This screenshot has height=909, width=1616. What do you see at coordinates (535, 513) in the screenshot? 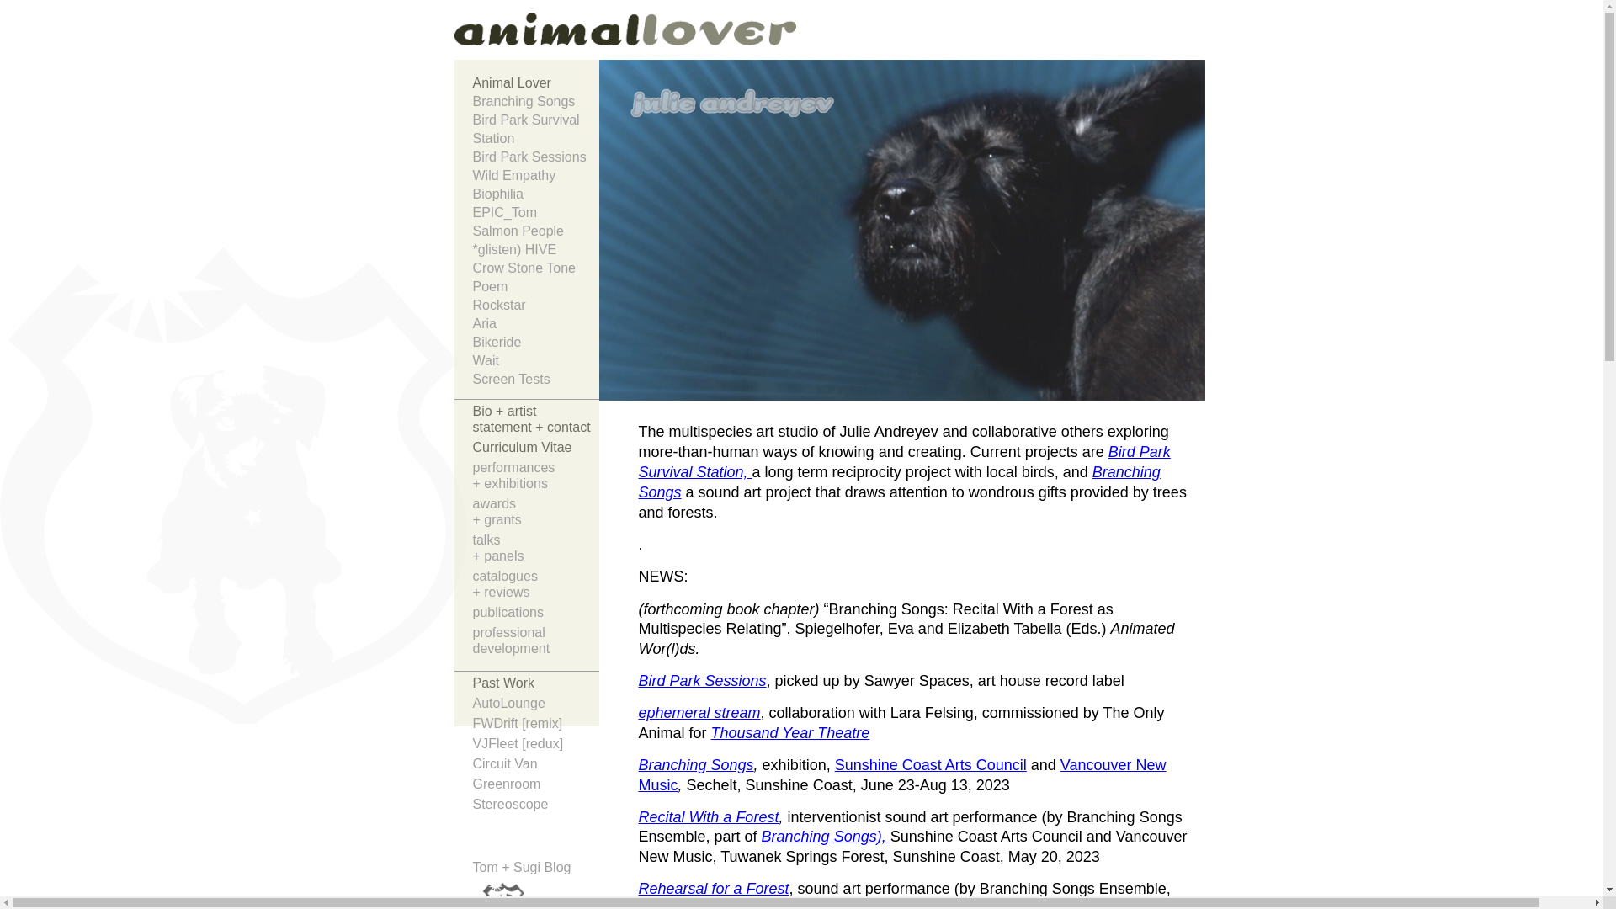
I see `'awards` at bounding box center [535, 513].